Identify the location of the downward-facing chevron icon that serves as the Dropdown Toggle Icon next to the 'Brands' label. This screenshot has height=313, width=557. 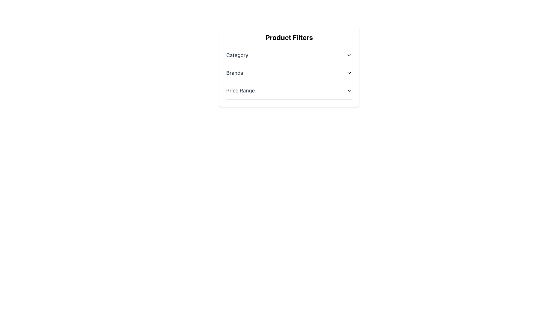
(349, 72).